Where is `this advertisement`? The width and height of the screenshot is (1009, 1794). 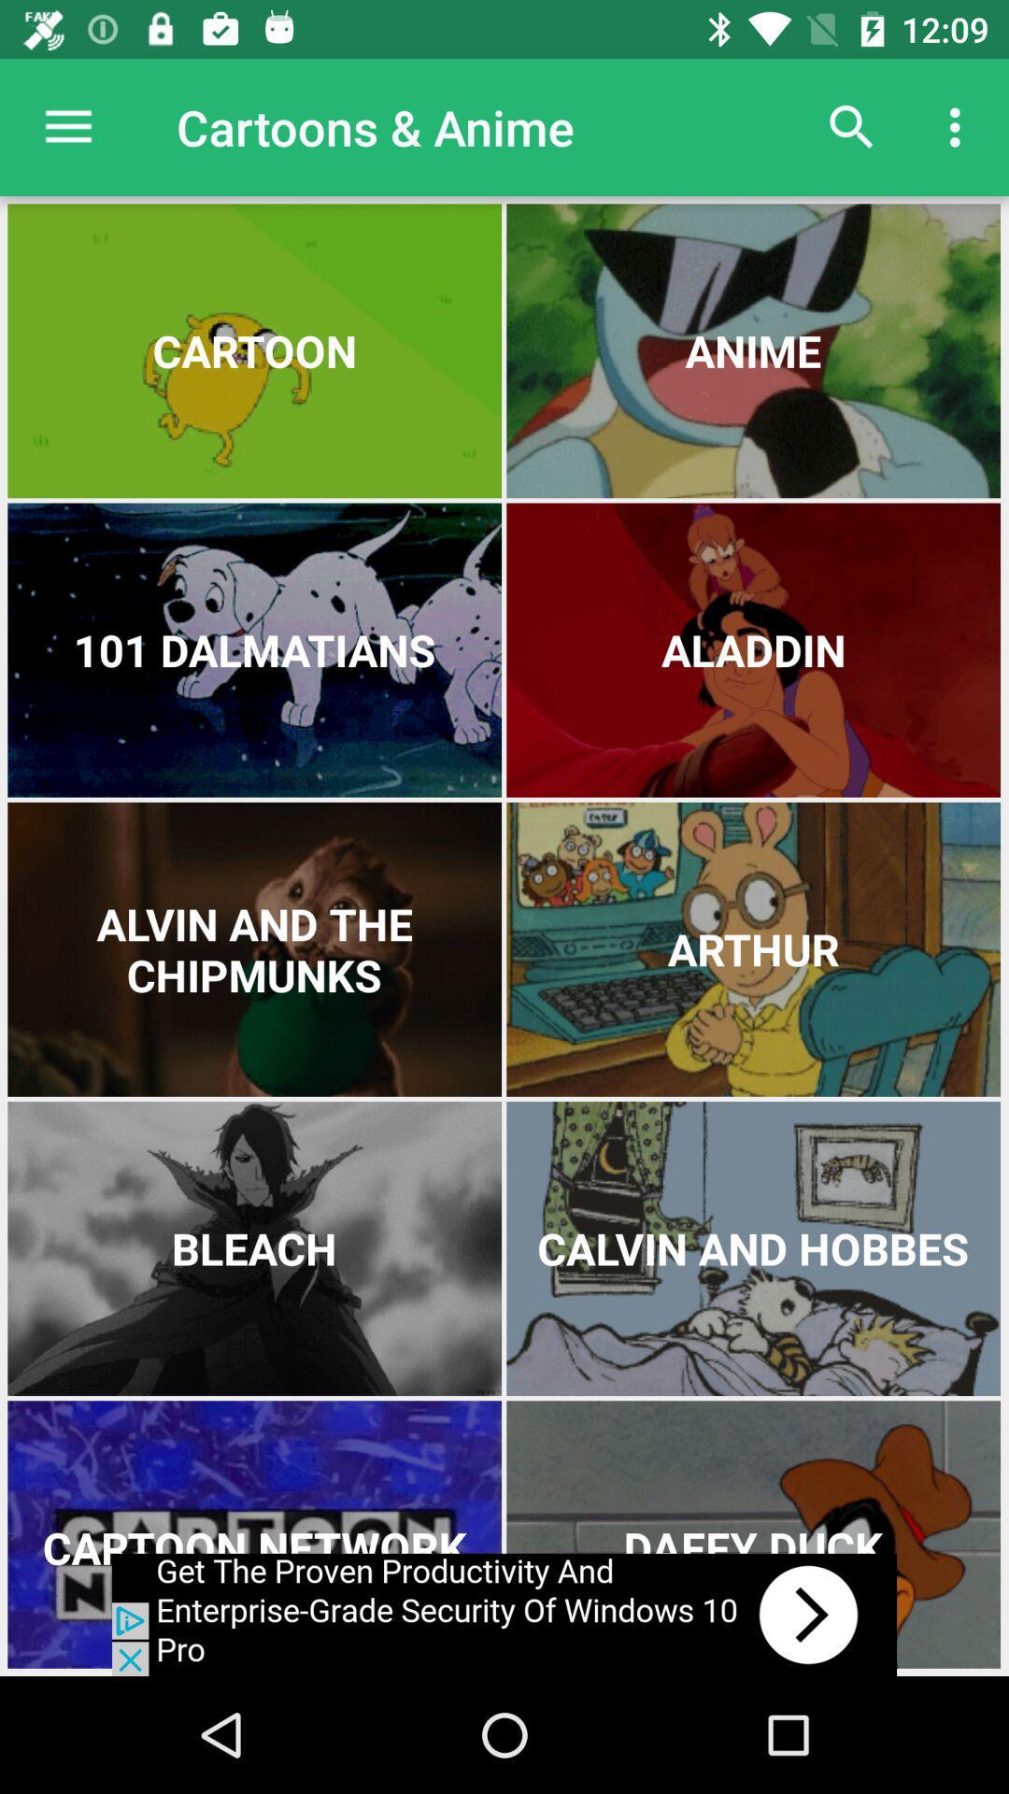 this advertisement is located at coordinates (504, 1614).